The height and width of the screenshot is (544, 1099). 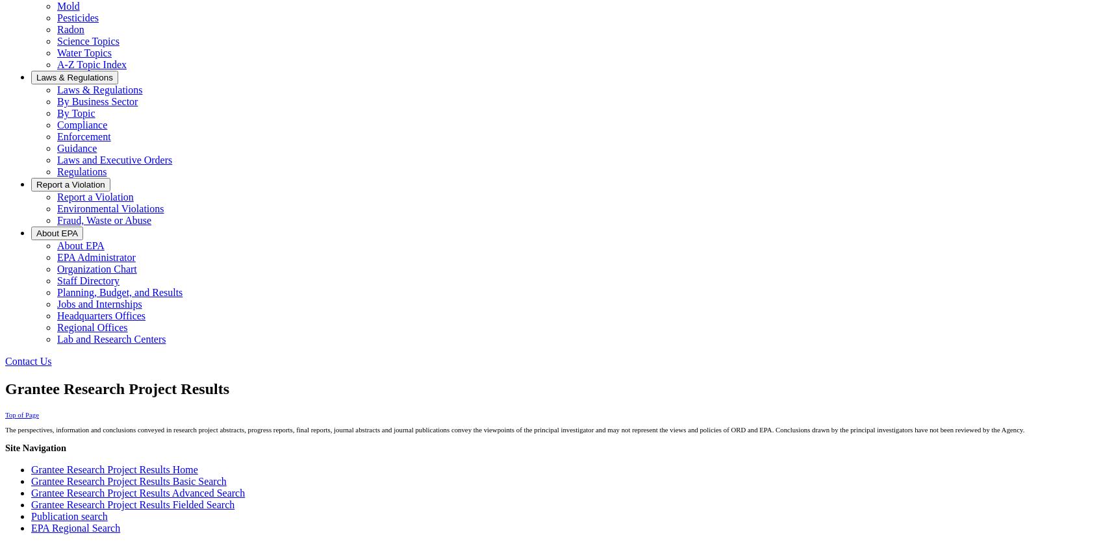 I want to click on 'Regulations', so click(x=82, y=171).